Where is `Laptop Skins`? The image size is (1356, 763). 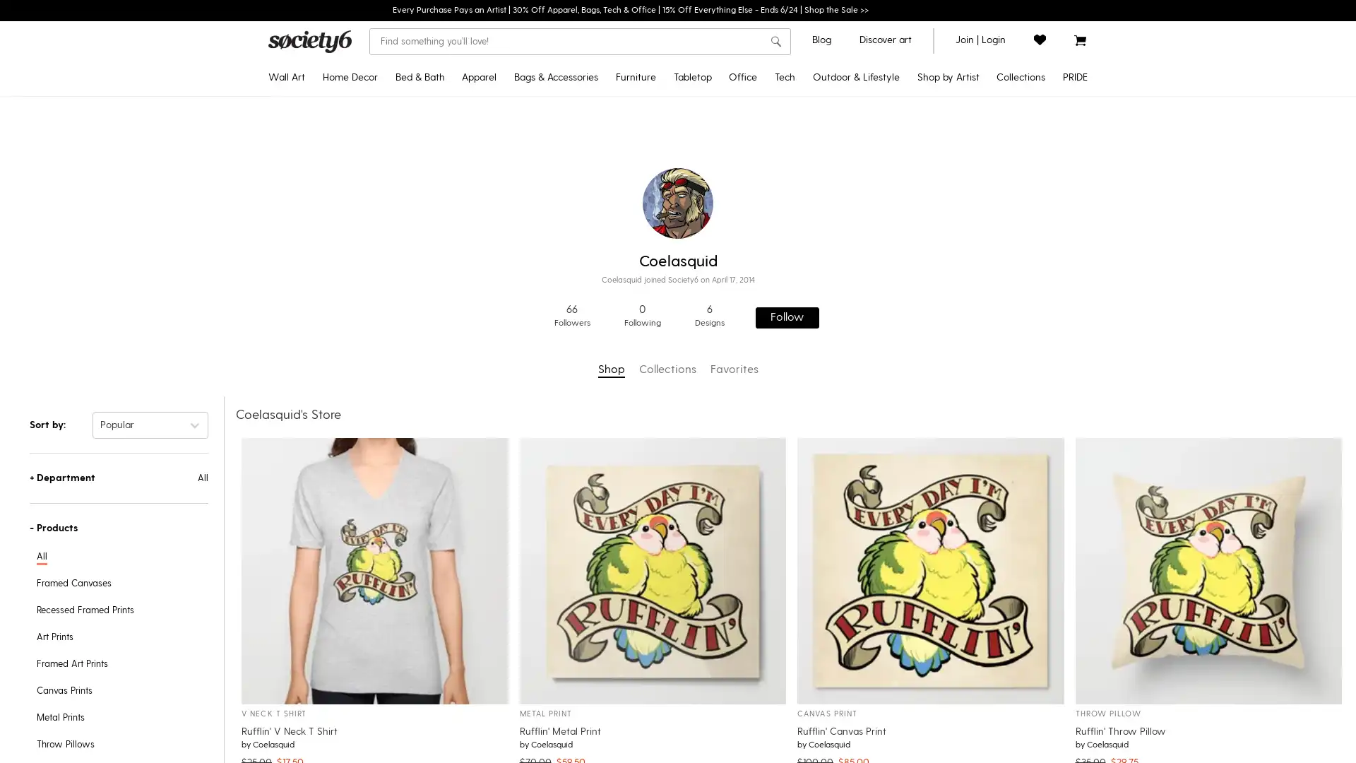 Laptop Skins is located at coordinates (835, 341).